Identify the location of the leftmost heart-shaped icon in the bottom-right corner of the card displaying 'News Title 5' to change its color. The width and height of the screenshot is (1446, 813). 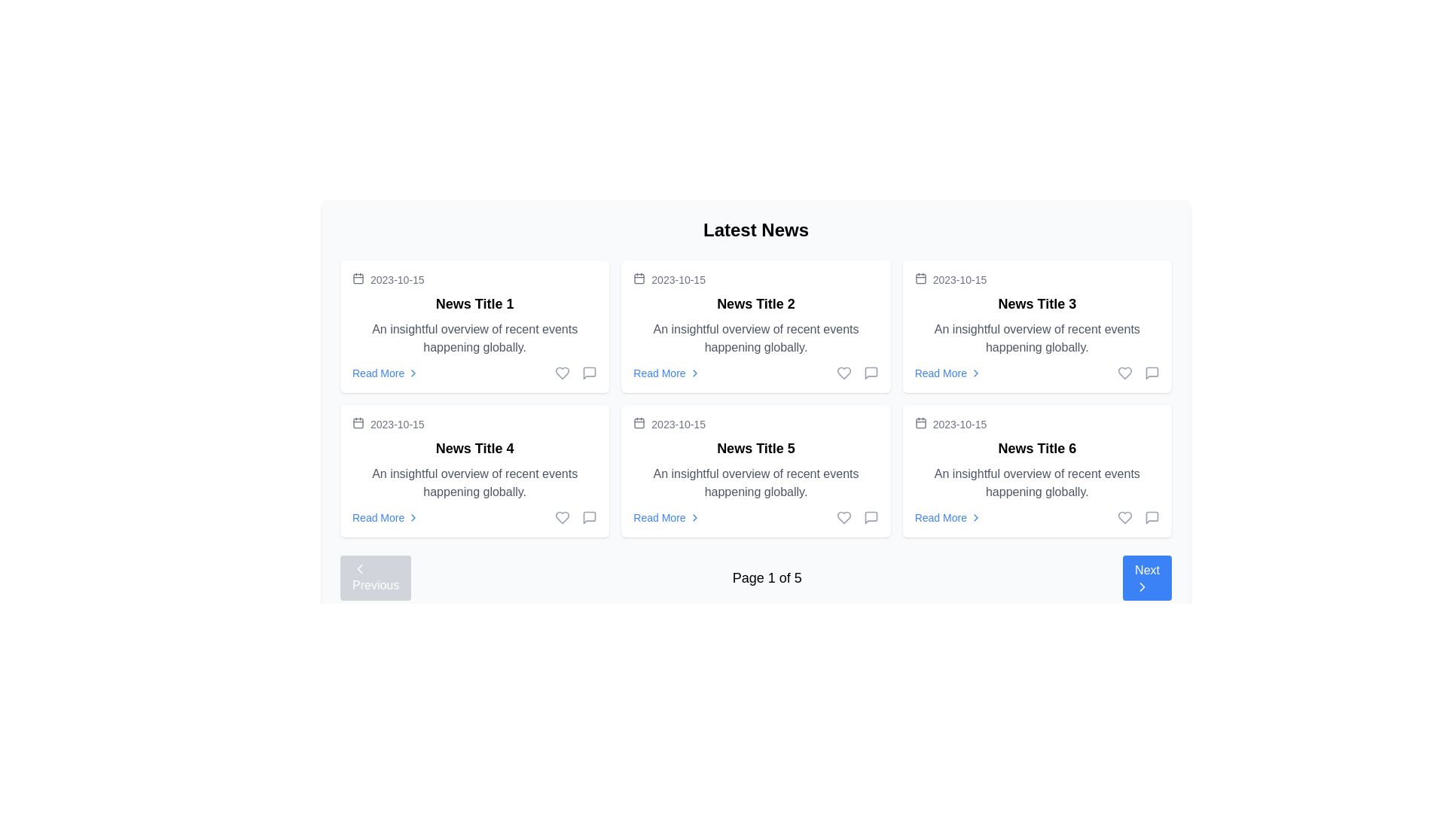
(843, 516).